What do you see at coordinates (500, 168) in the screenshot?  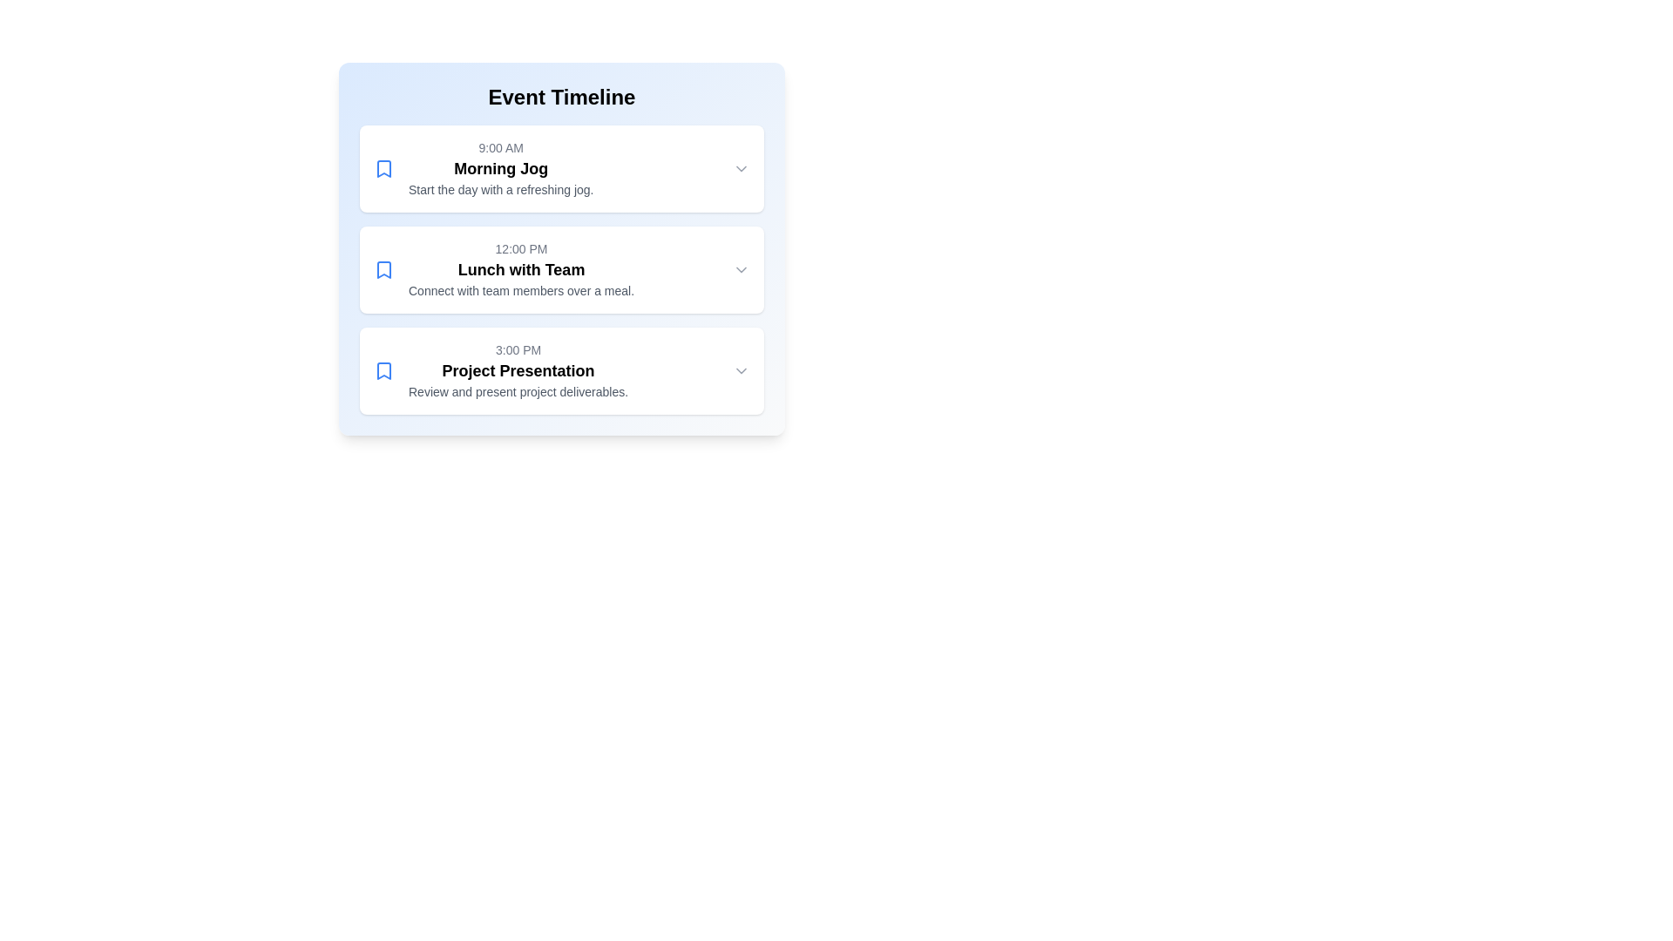 I see `to select the 'Morning Jog' text label located in the 'Event Timeline' section, positioned between '9:00 AM' and 'Start the day with a refreshing jog.'` at bounding box center [500, 168].